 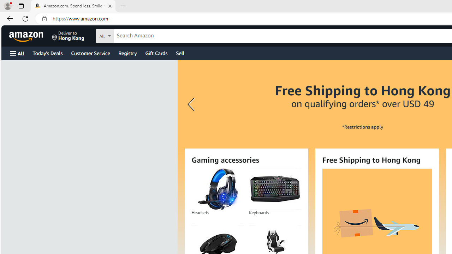 I want to click on 'Previous slide', so click(x=192, y=104).